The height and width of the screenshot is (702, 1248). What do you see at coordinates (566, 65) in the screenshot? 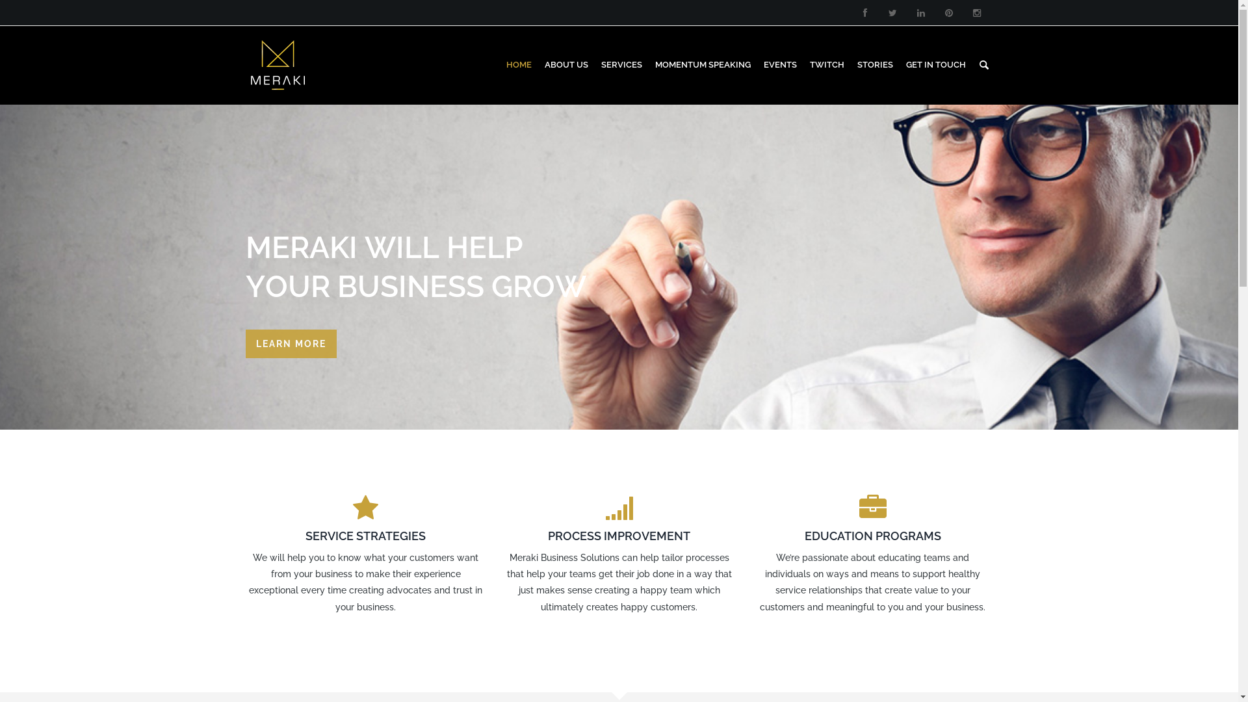
I see `'ABOUT US'` at bounding box center [566, 65].